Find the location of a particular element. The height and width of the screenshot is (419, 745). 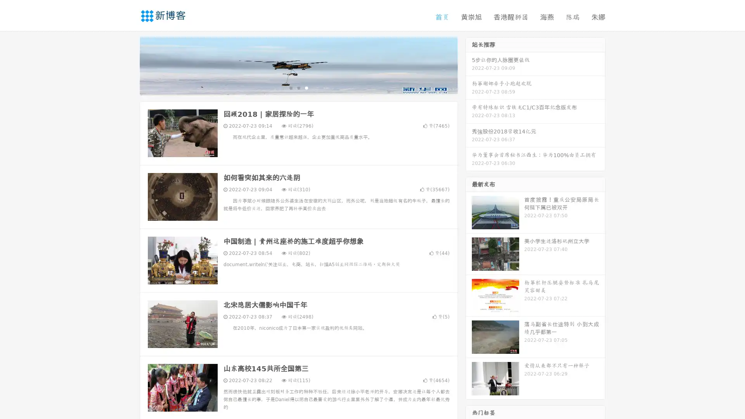

Go to slide 2 is located at coordinates (298, 87).